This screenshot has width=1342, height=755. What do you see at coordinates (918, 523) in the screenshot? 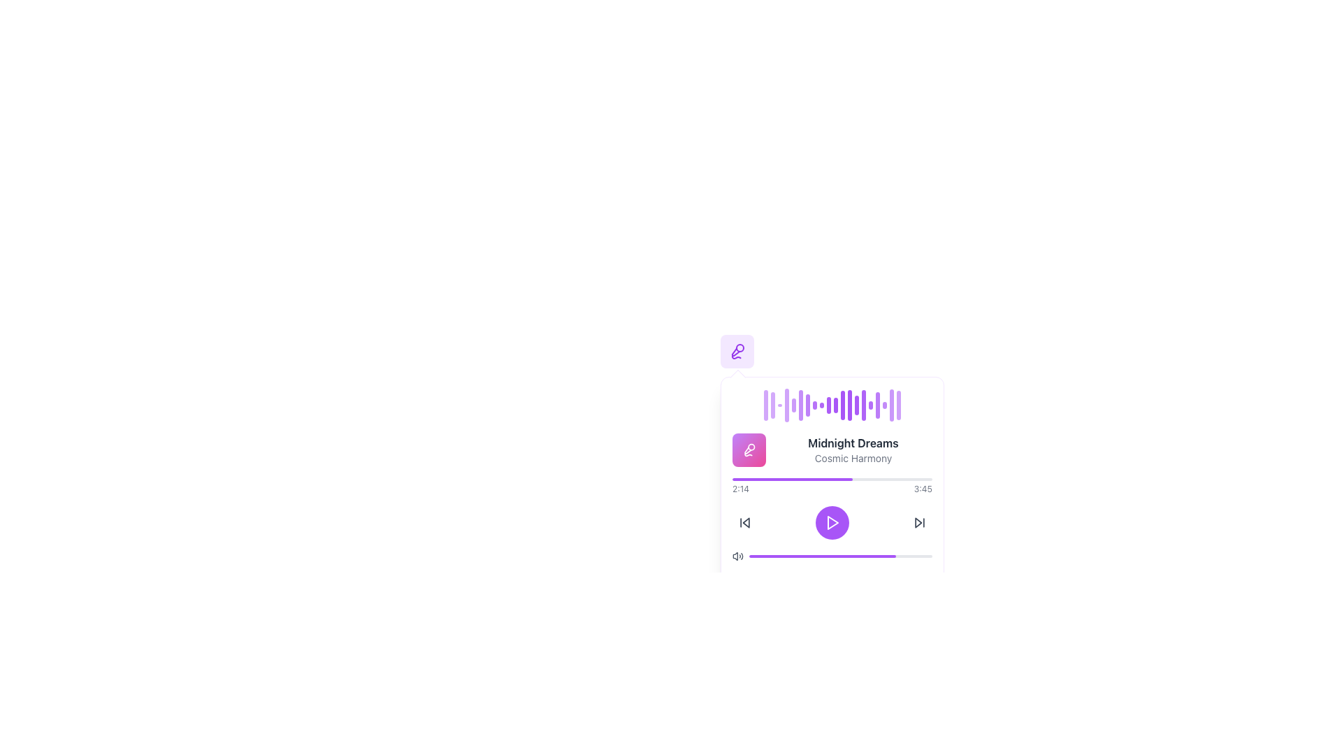
I see `the hollow triangular arrow shape pointing to the right, which represents the 'Skip Forward' button in the media playback control interface, to skip forward in the audio or media playback` at bounding box center [918, 523].